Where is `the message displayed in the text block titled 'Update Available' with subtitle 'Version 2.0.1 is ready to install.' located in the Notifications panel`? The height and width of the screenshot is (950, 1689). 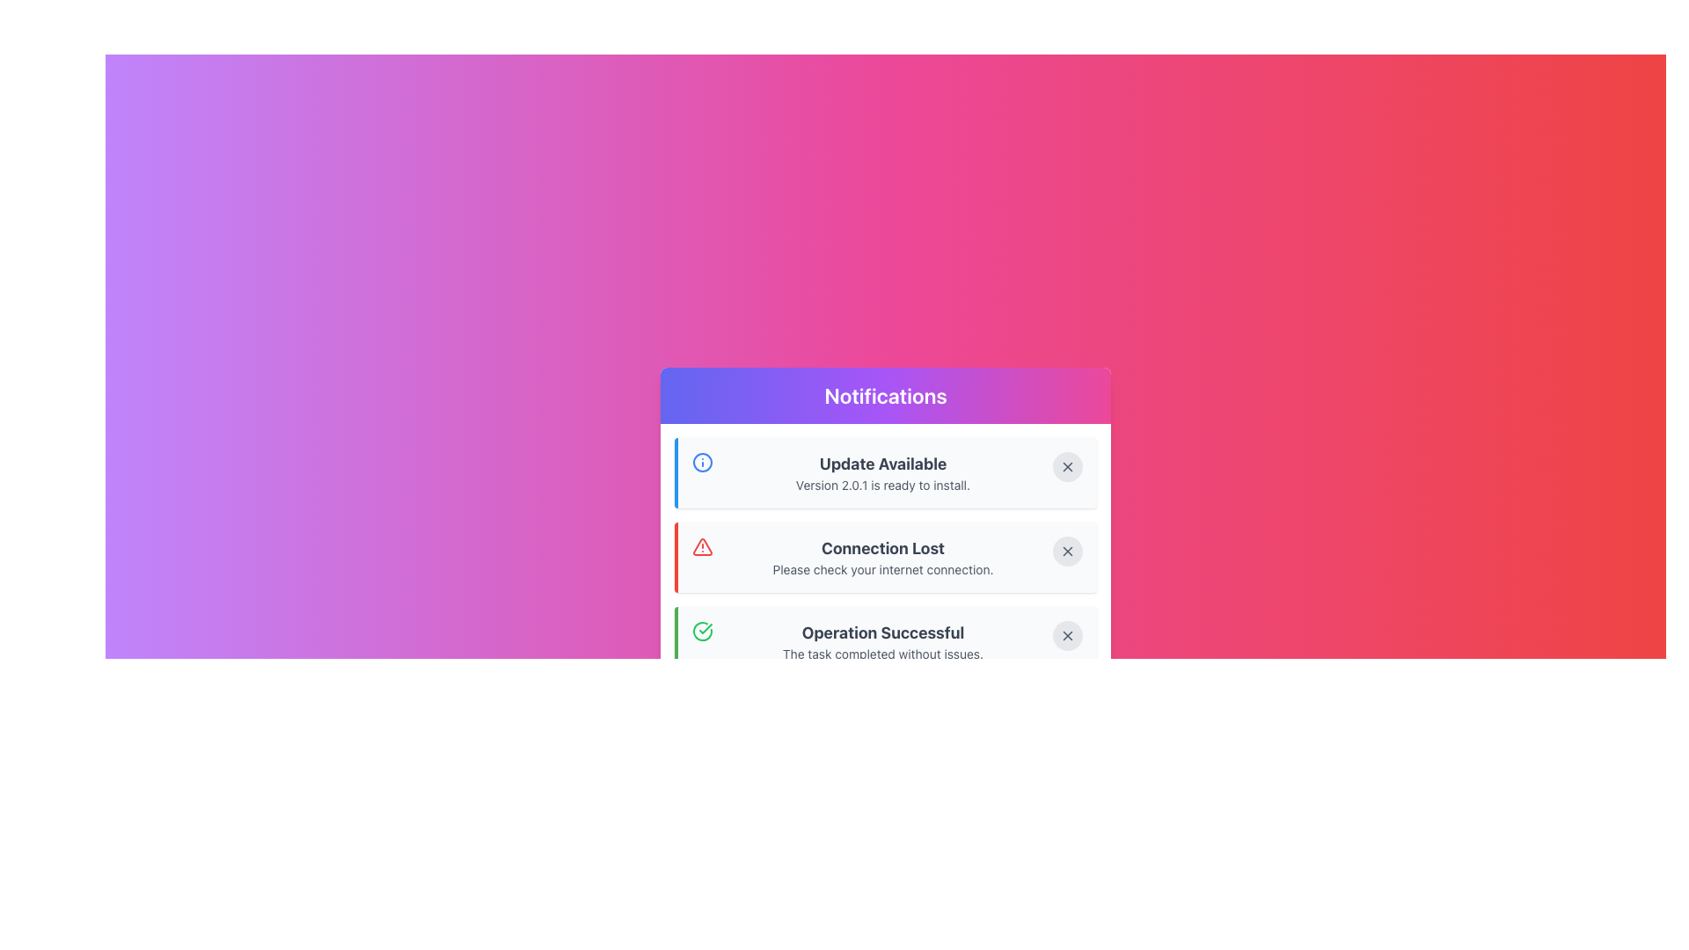 the message displayed in the text block titled 'Update Available' with subtitle 'Version 2.0.1 is ready to install.' located in the Notifications panel is located at coordinates (882, 471).